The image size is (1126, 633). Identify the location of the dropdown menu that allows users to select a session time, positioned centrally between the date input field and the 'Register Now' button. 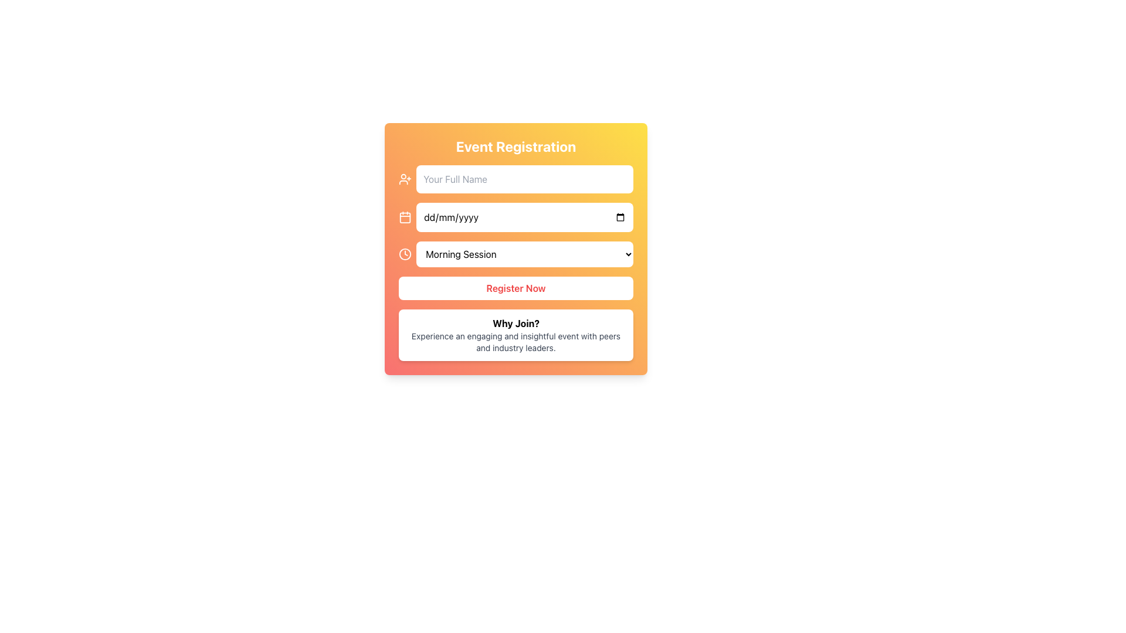
(524, 254).